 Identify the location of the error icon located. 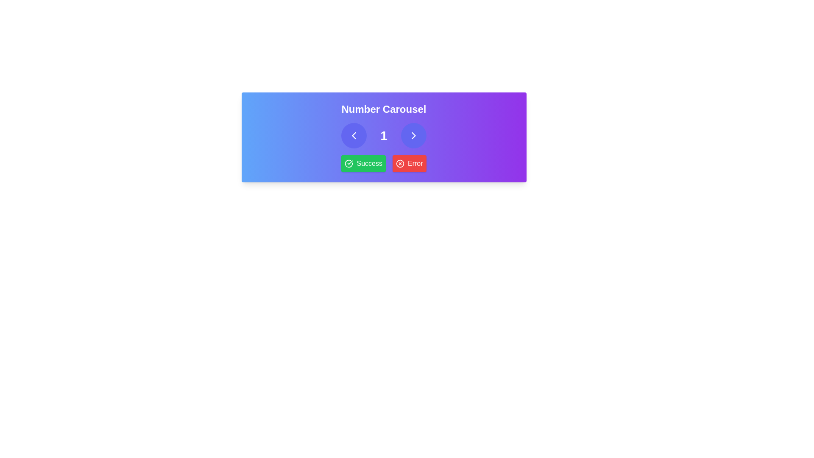
(399, 163).